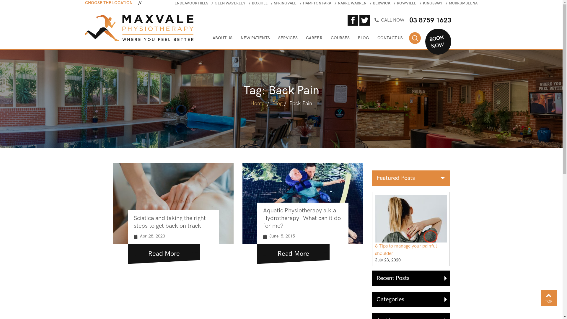  I want to click on 'CALL NOW 03 8759 1623', so click(422, 19).